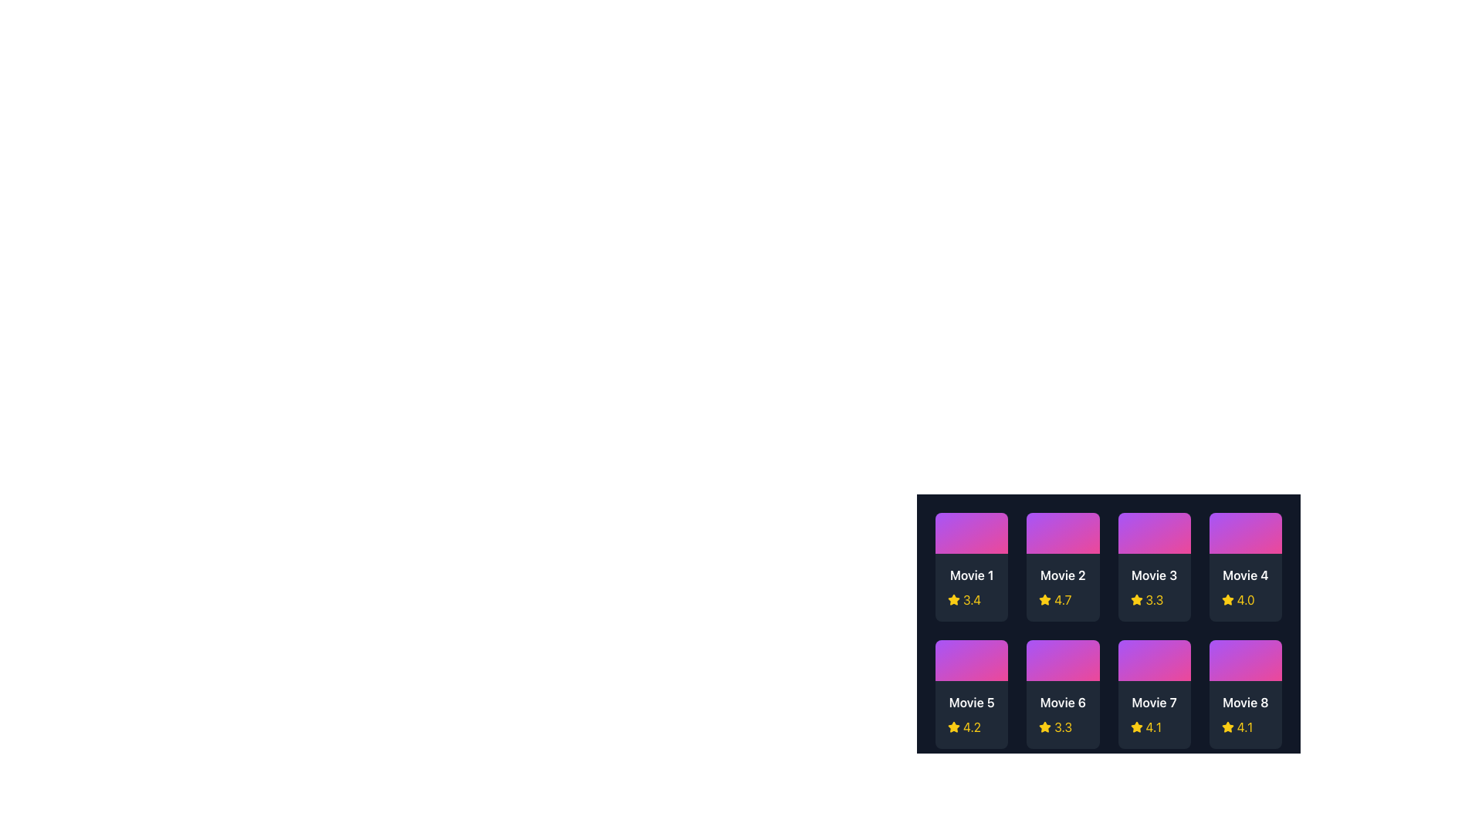 Image resolution: width=1482 pixels, height=833 pixels. I want to click on the yellow star icon with a filled center that is part of the movie rating for 'Movie 2', located immediately to the left of the rating '4.7', so click(1045, 599).